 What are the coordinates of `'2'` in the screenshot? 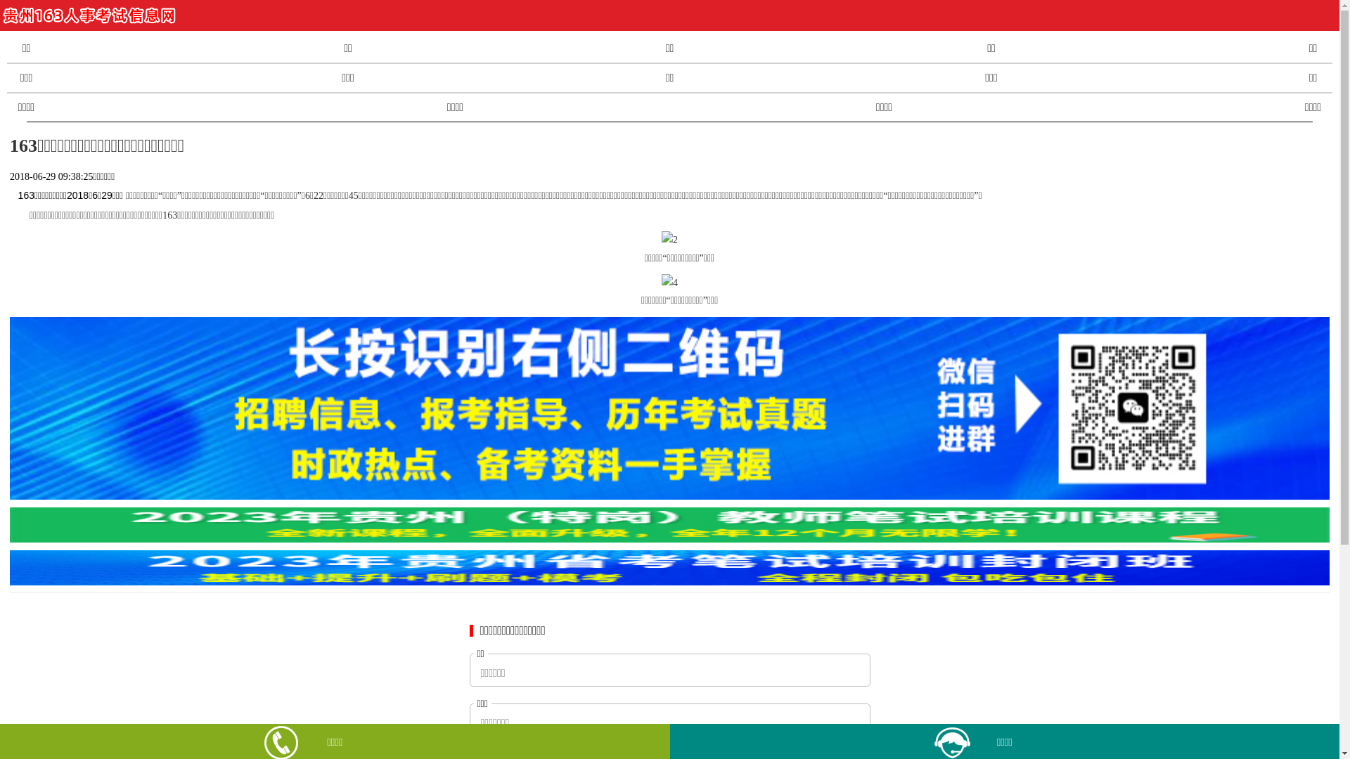 It's located at (669, 235).